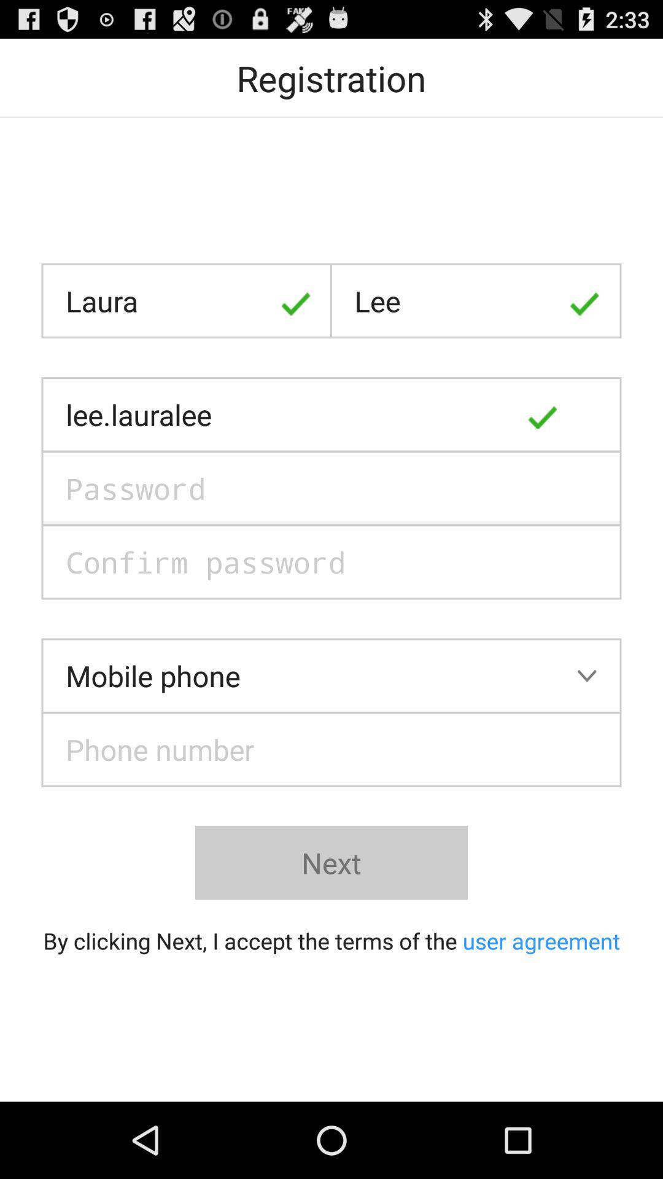 This screenshot has height=1179, width=663. I want to click on the password, so click(331, 488).